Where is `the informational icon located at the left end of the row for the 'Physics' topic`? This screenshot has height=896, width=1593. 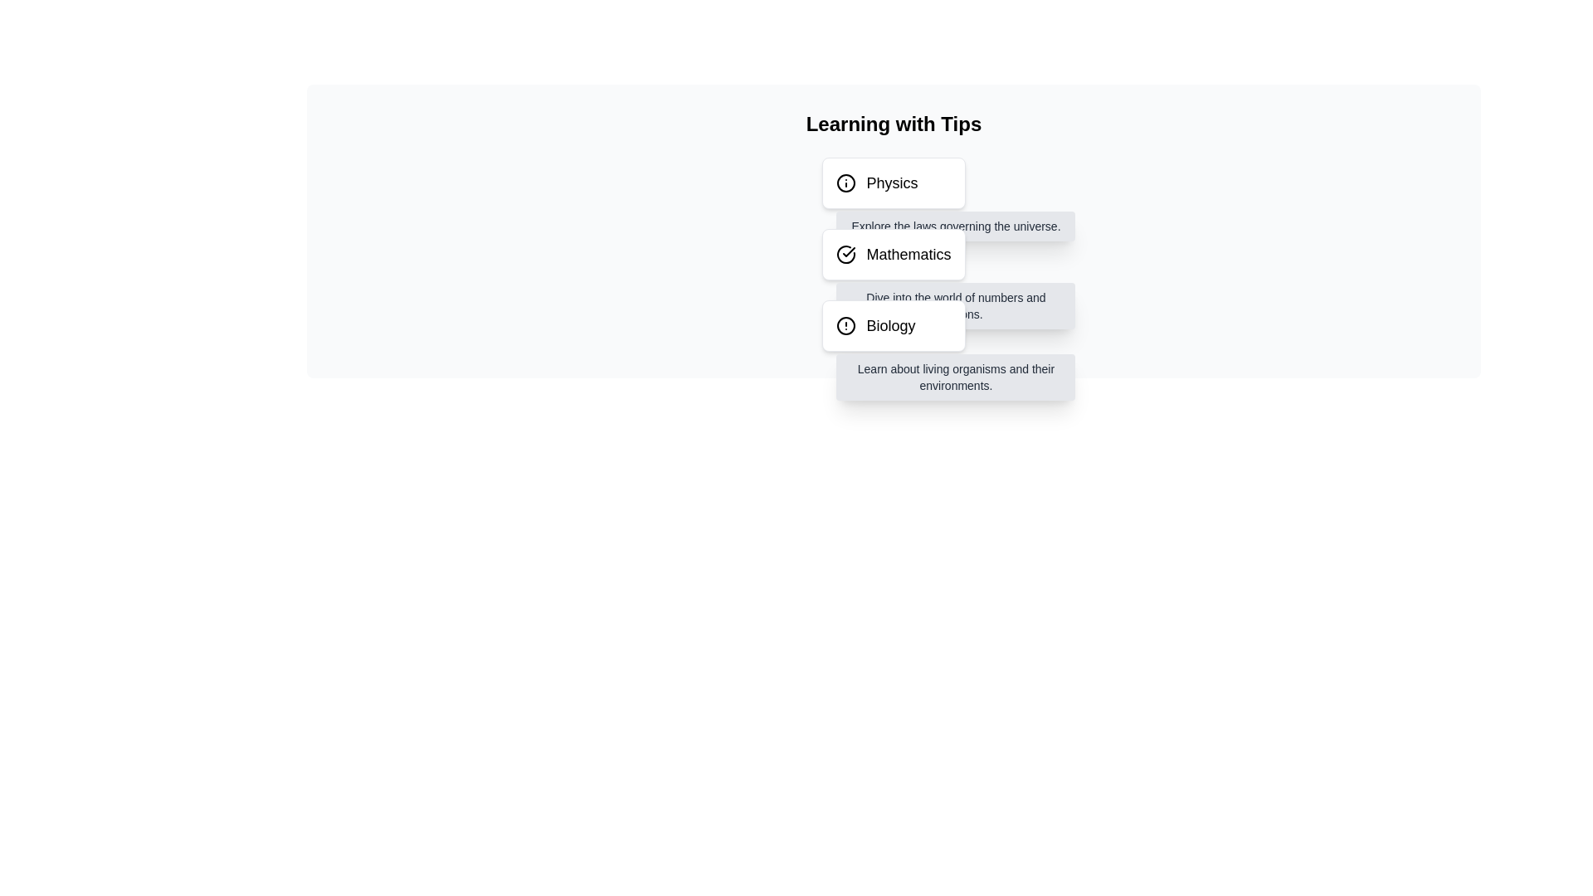
the informational icon located at the left end of the row for the 'Physics' topic is located at coordinates (845, 183).